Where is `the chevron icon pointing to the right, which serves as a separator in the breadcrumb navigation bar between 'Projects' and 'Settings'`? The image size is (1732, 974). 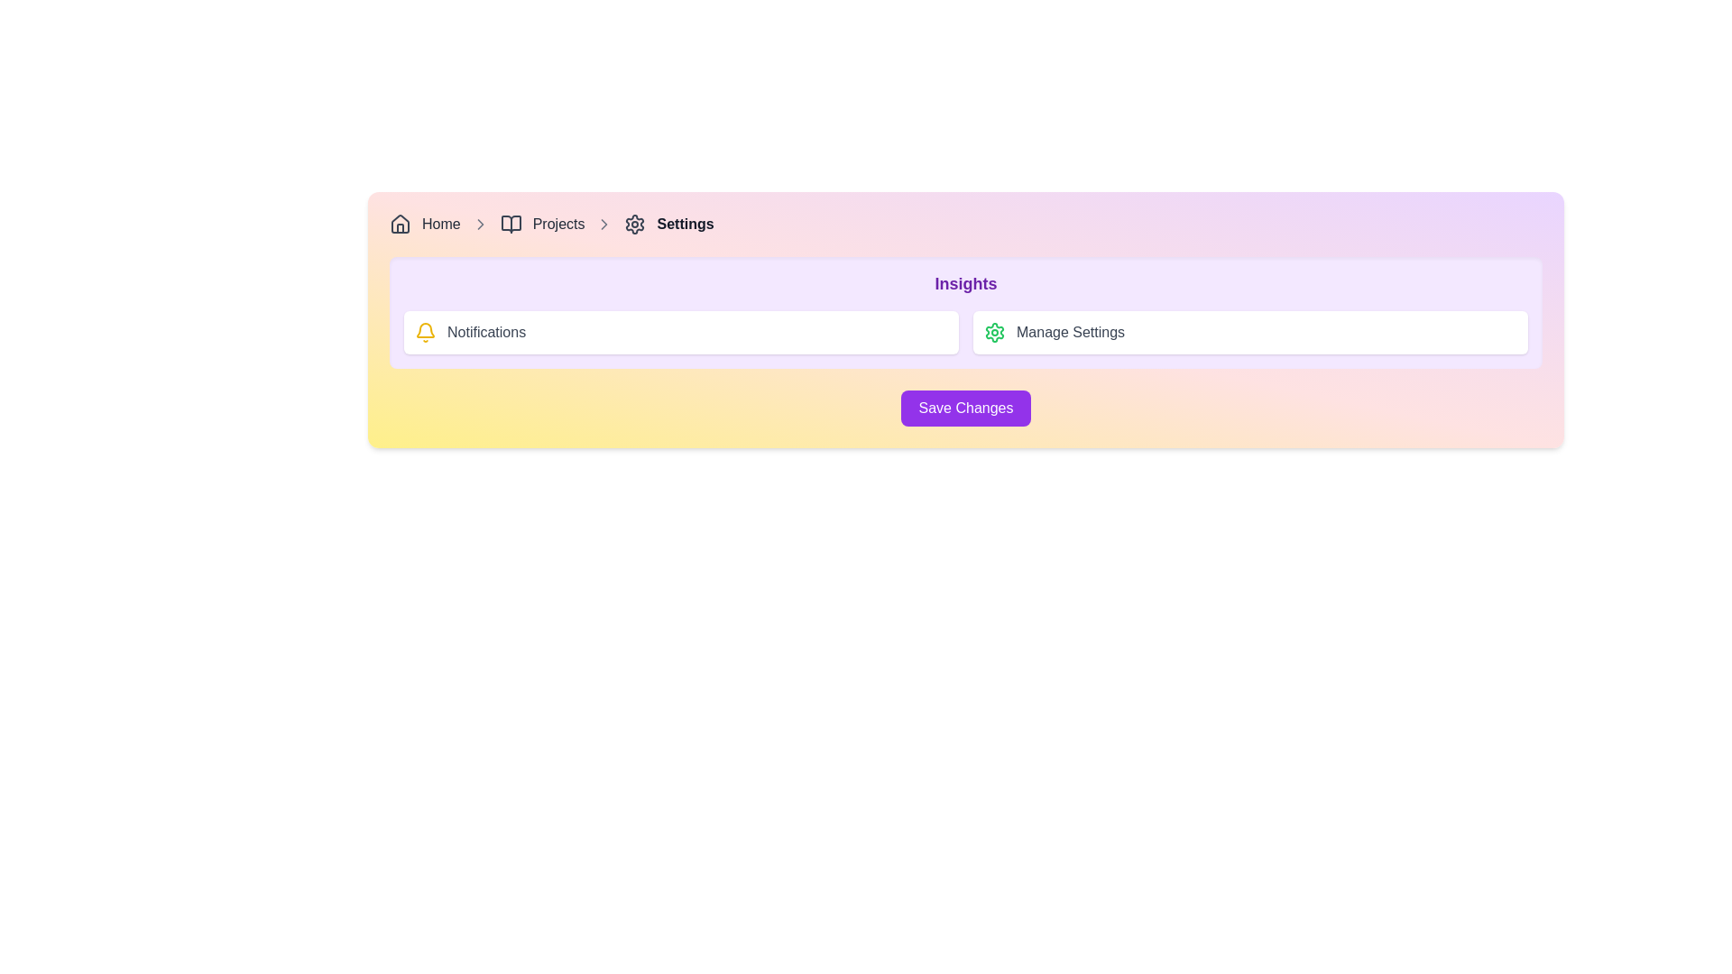
the chevron icon pointing to the right, which serves as a separator in the breadcrumb navigation bar between 'Projects' and 'Settings' is located at coordinates (604, 224).